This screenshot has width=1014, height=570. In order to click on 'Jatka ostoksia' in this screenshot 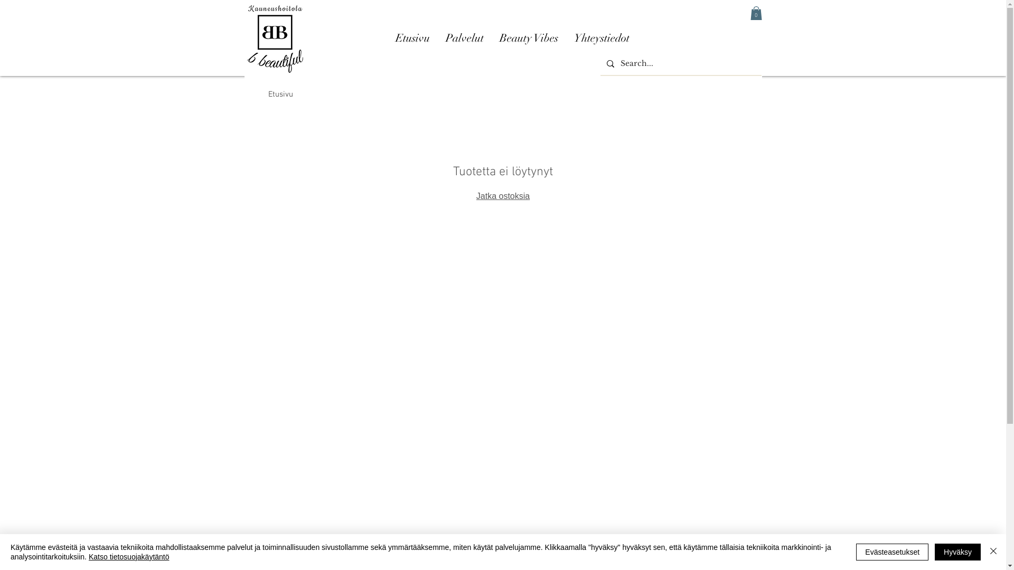, I will do `click(476, 196)`.